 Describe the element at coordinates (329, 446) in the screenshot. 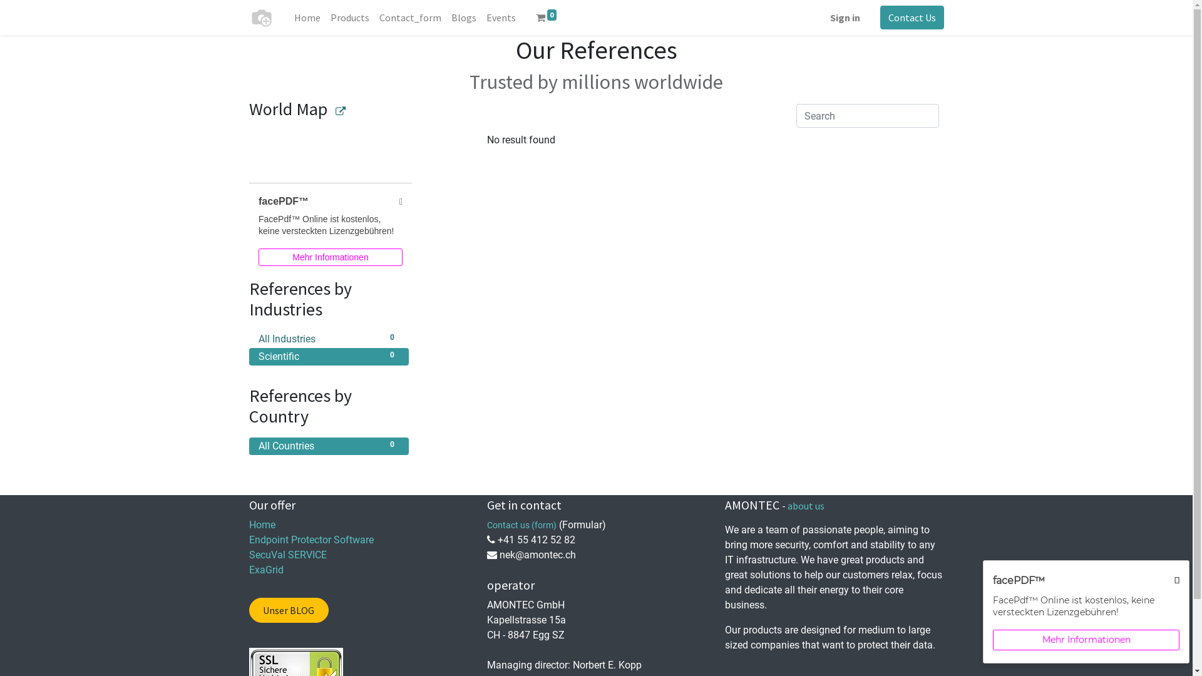

I see `'0` at that location.